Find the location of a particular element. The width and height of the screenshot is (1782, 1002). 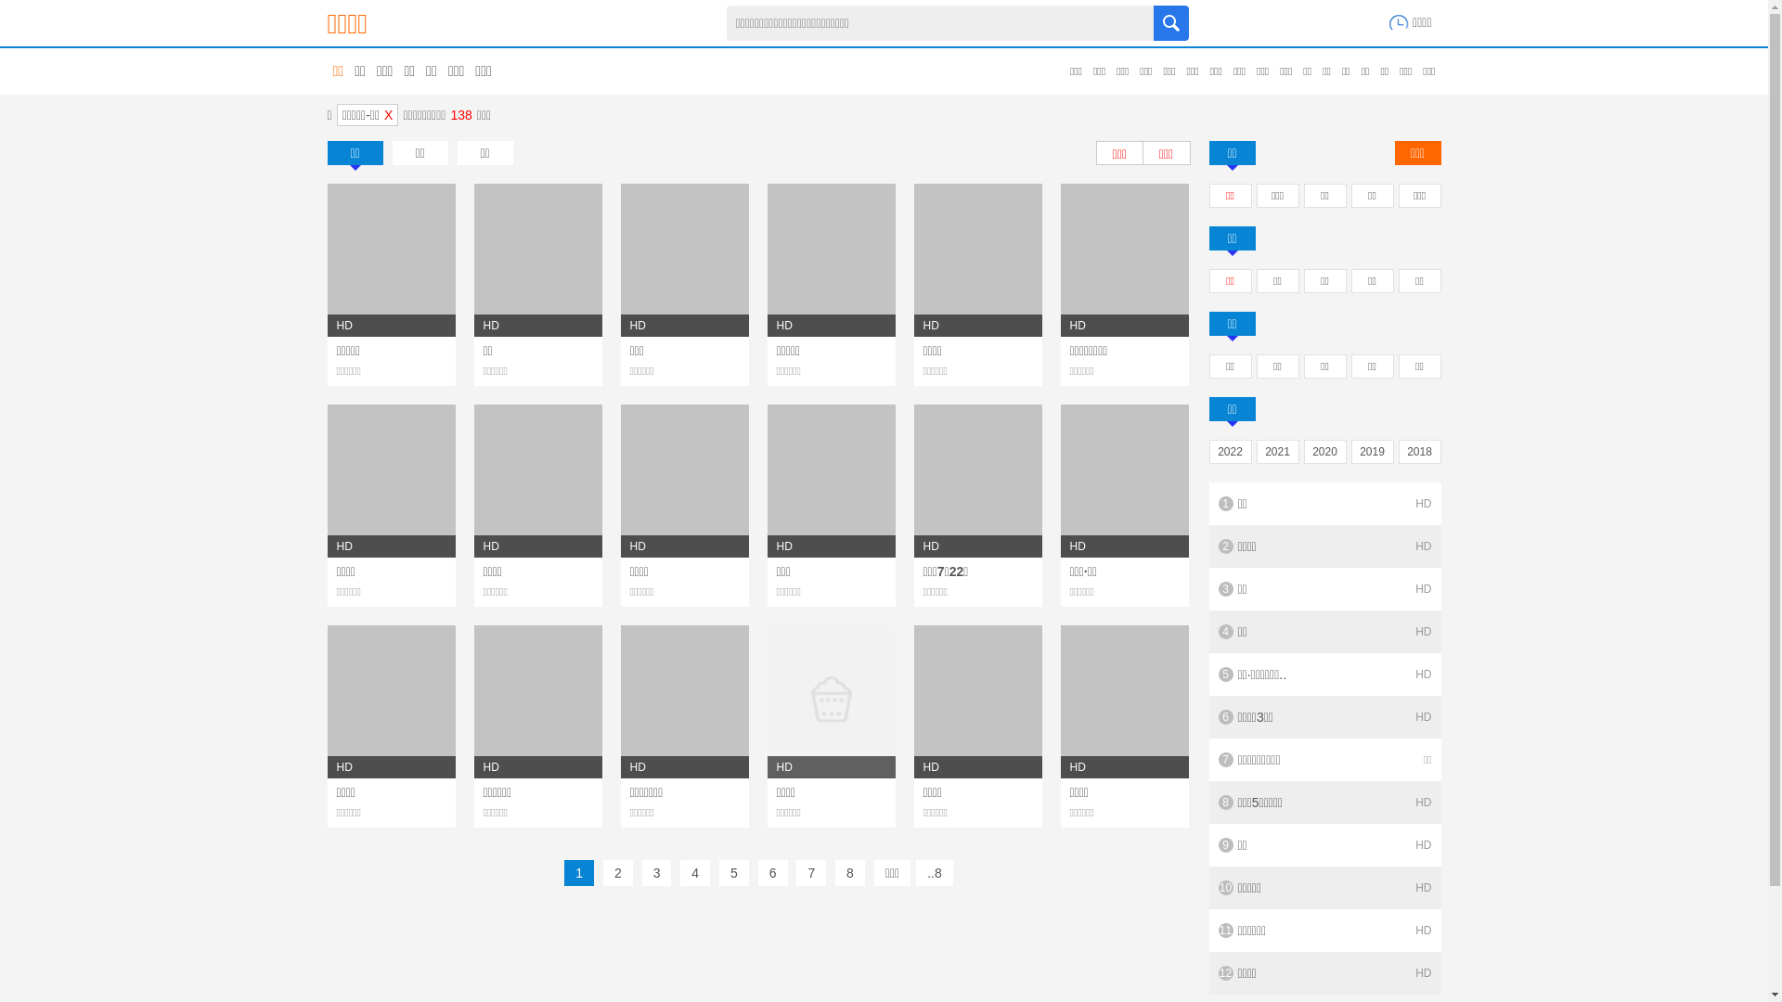

'2022' is located at coordinates (1230, 452).